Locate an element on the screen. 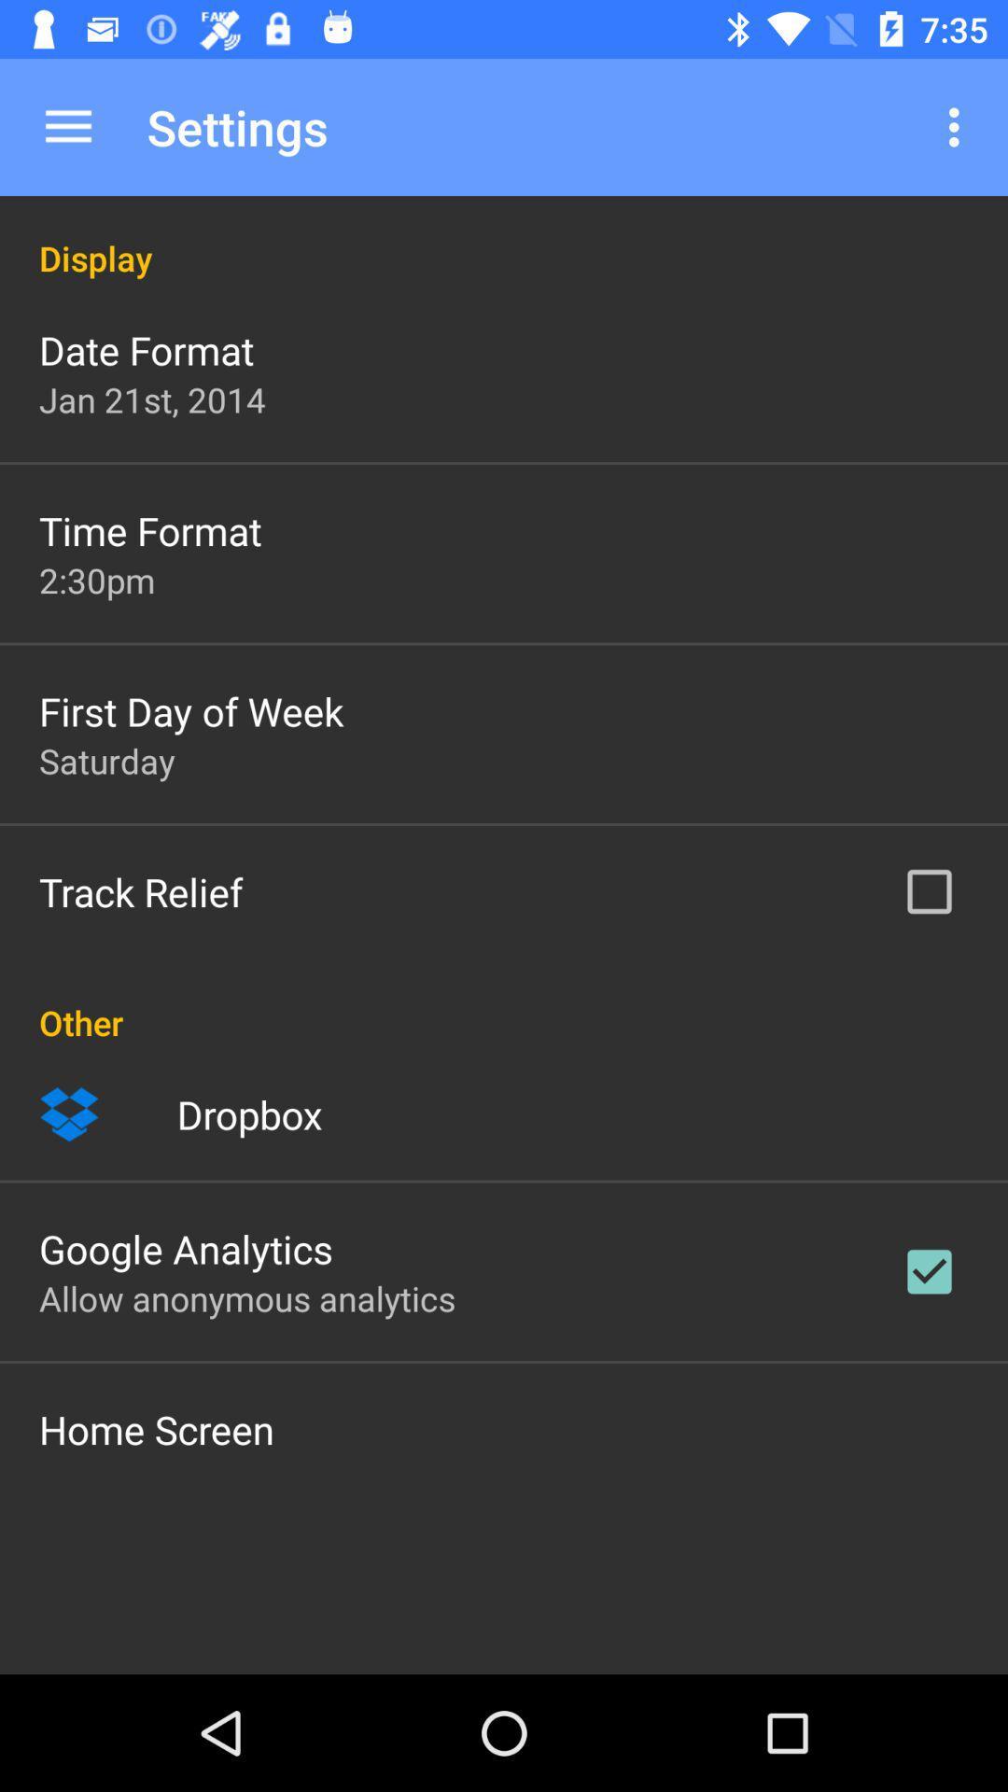  the item below the allow anonymous analytics is located at coordinates (156, 1428).